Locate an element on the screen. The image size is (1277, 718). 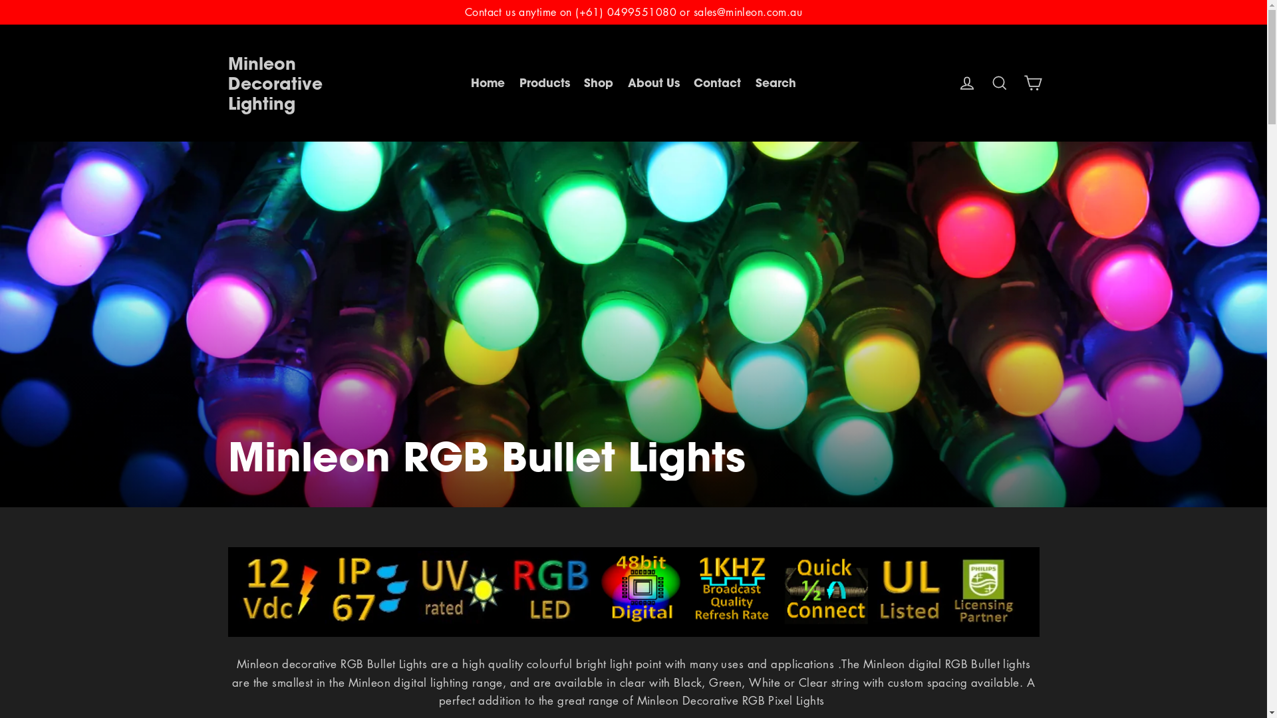
'Log in' is located at coordinates (967, 82).